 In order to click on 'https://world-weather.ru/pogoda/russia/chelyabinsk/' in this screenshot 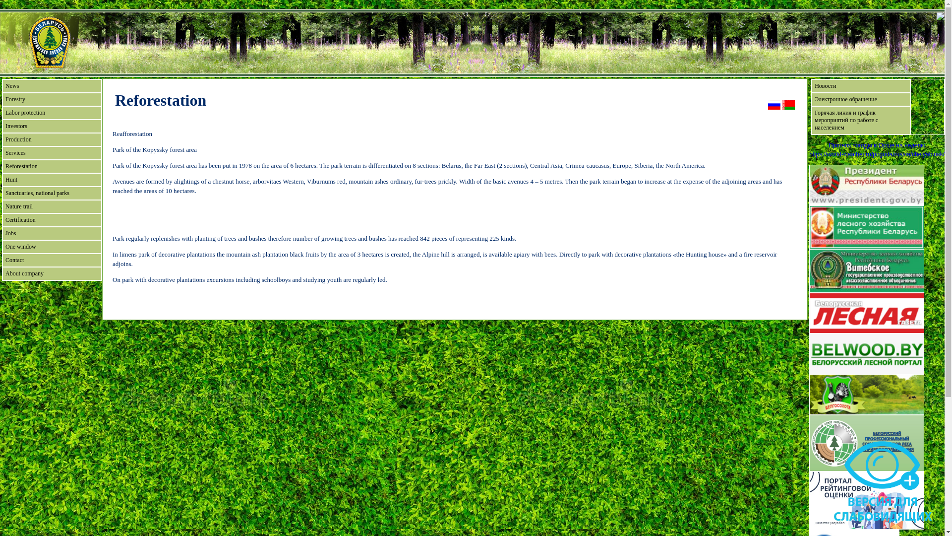, I will do `click(877, 154)`.